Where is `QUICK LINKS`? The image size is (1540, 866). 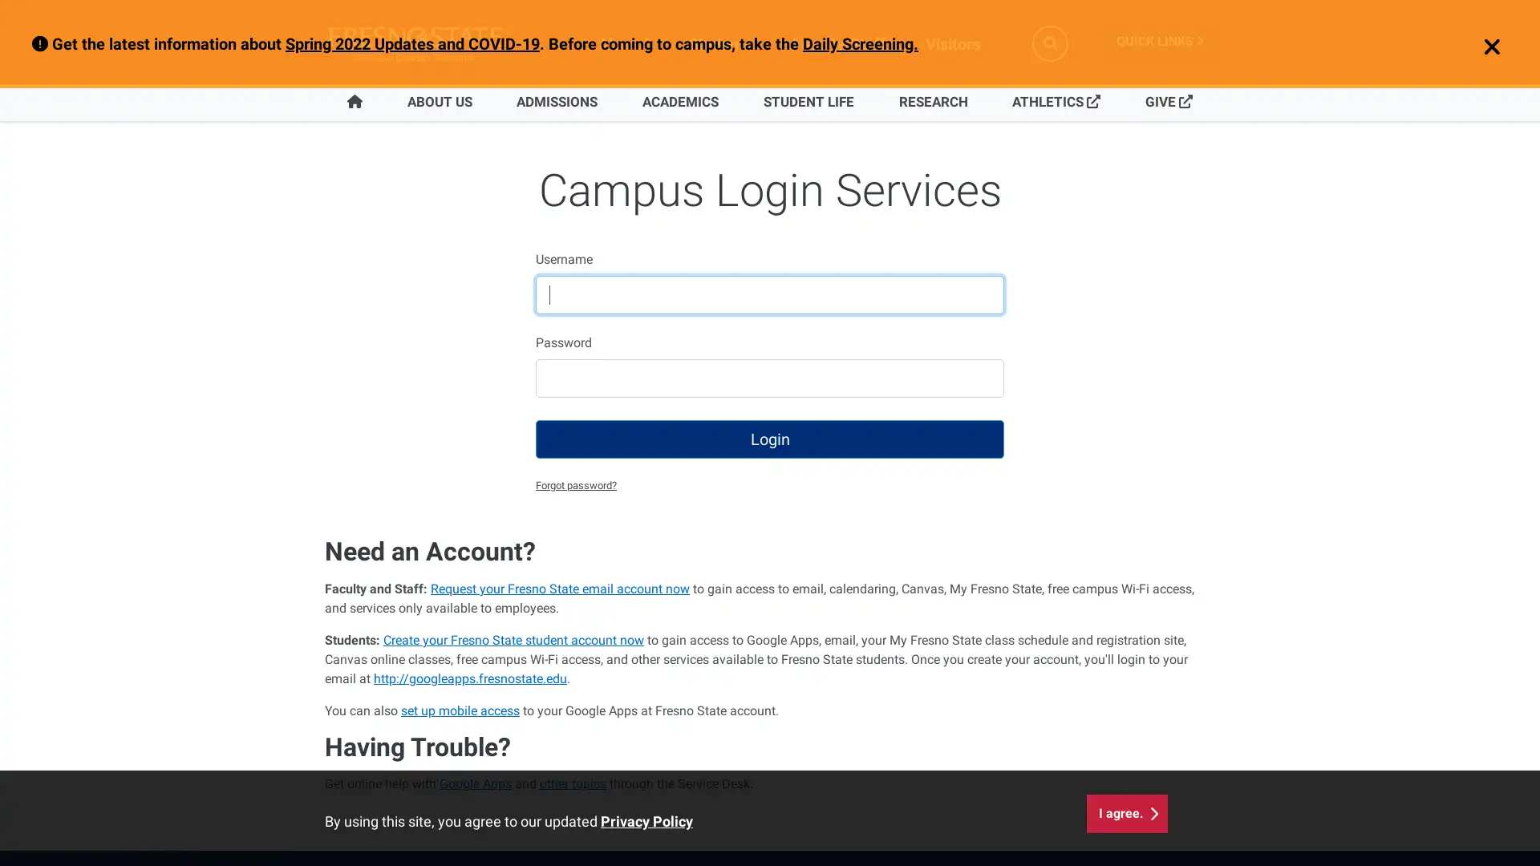
QUICK LINKS is located at coordinates (1159, 40).